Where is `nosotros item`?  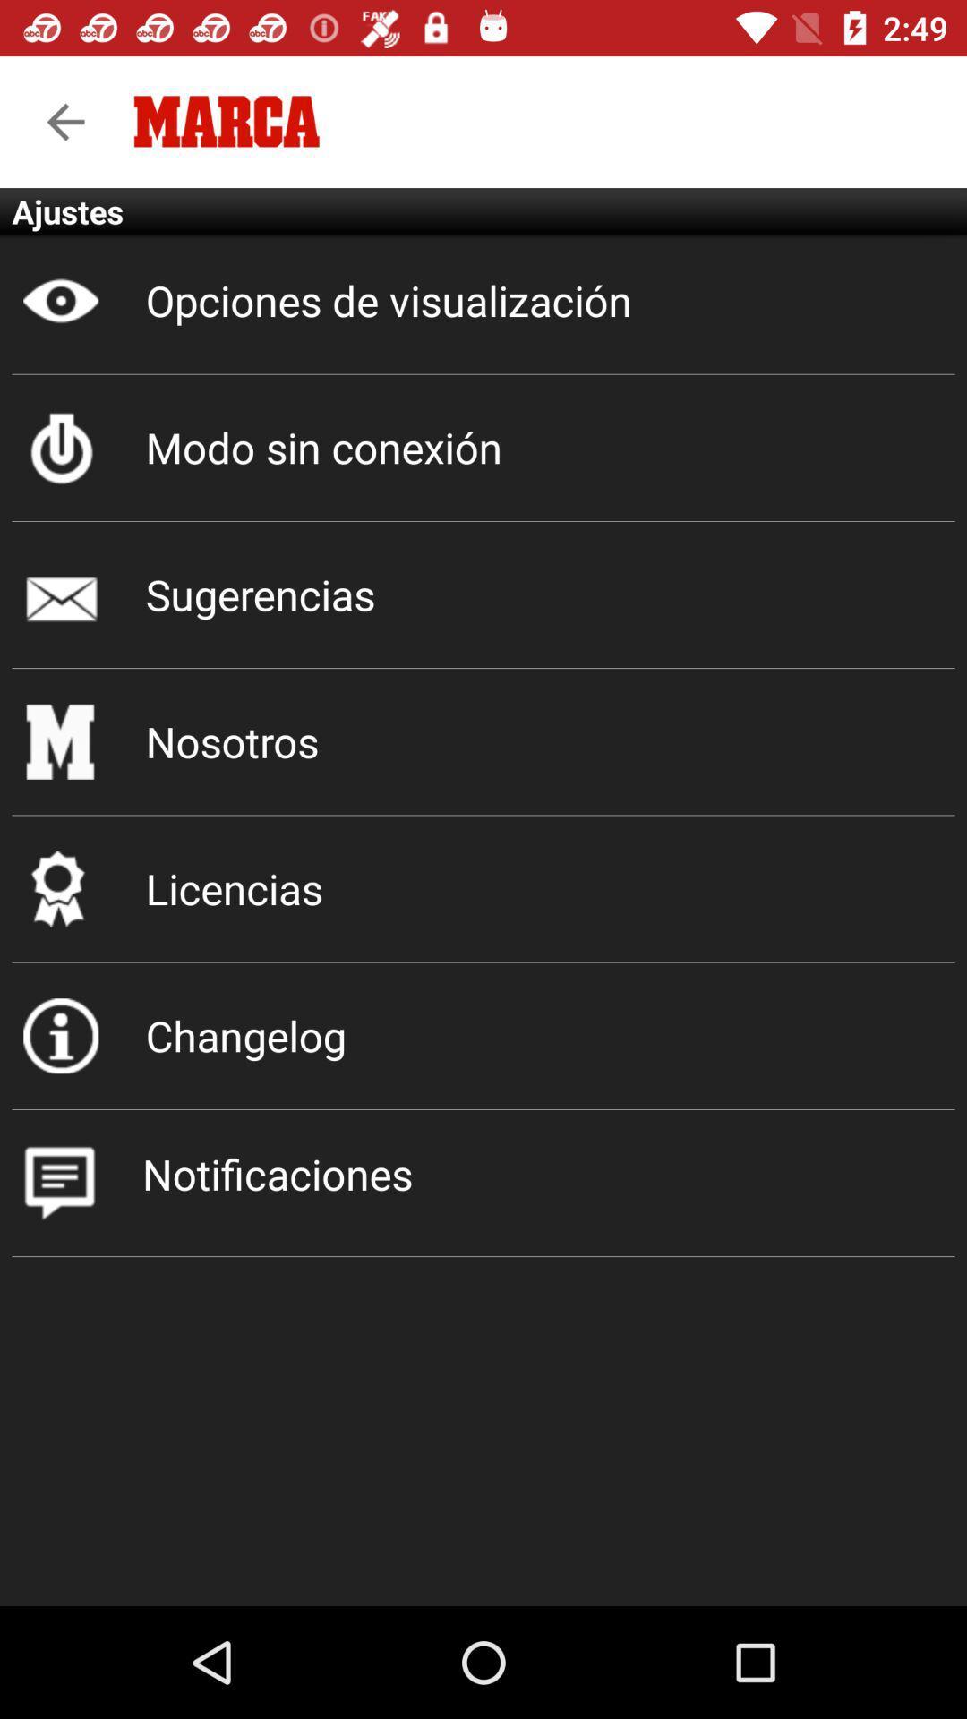
nosotros item is located at coordinates (483, 741).